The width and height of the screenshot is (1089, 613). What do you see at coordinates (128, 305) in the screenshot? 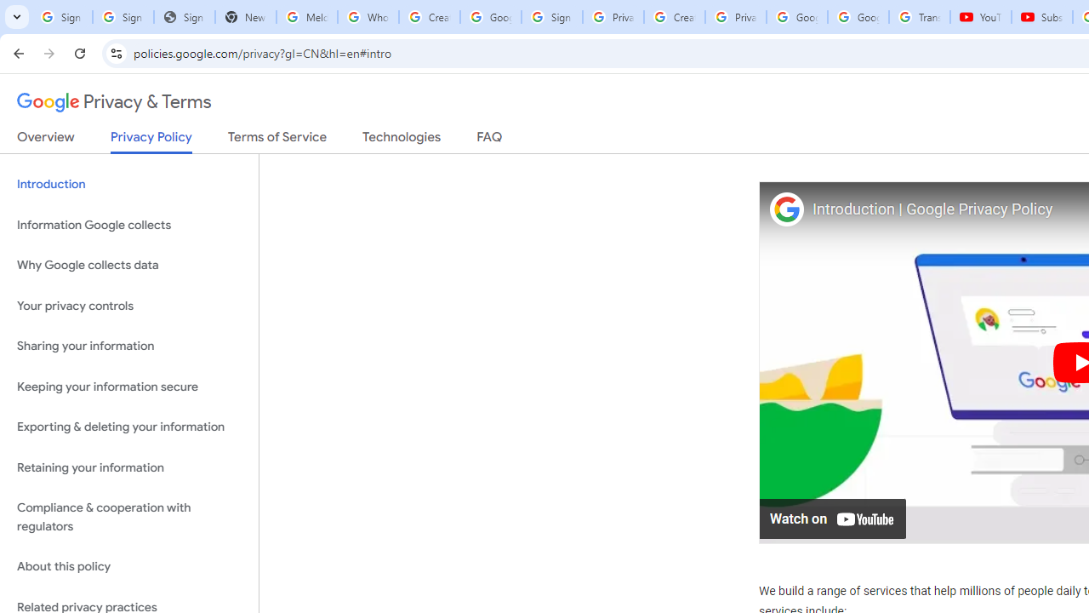
I see `'Your privacy controls'` at bounding box center [128, 305].